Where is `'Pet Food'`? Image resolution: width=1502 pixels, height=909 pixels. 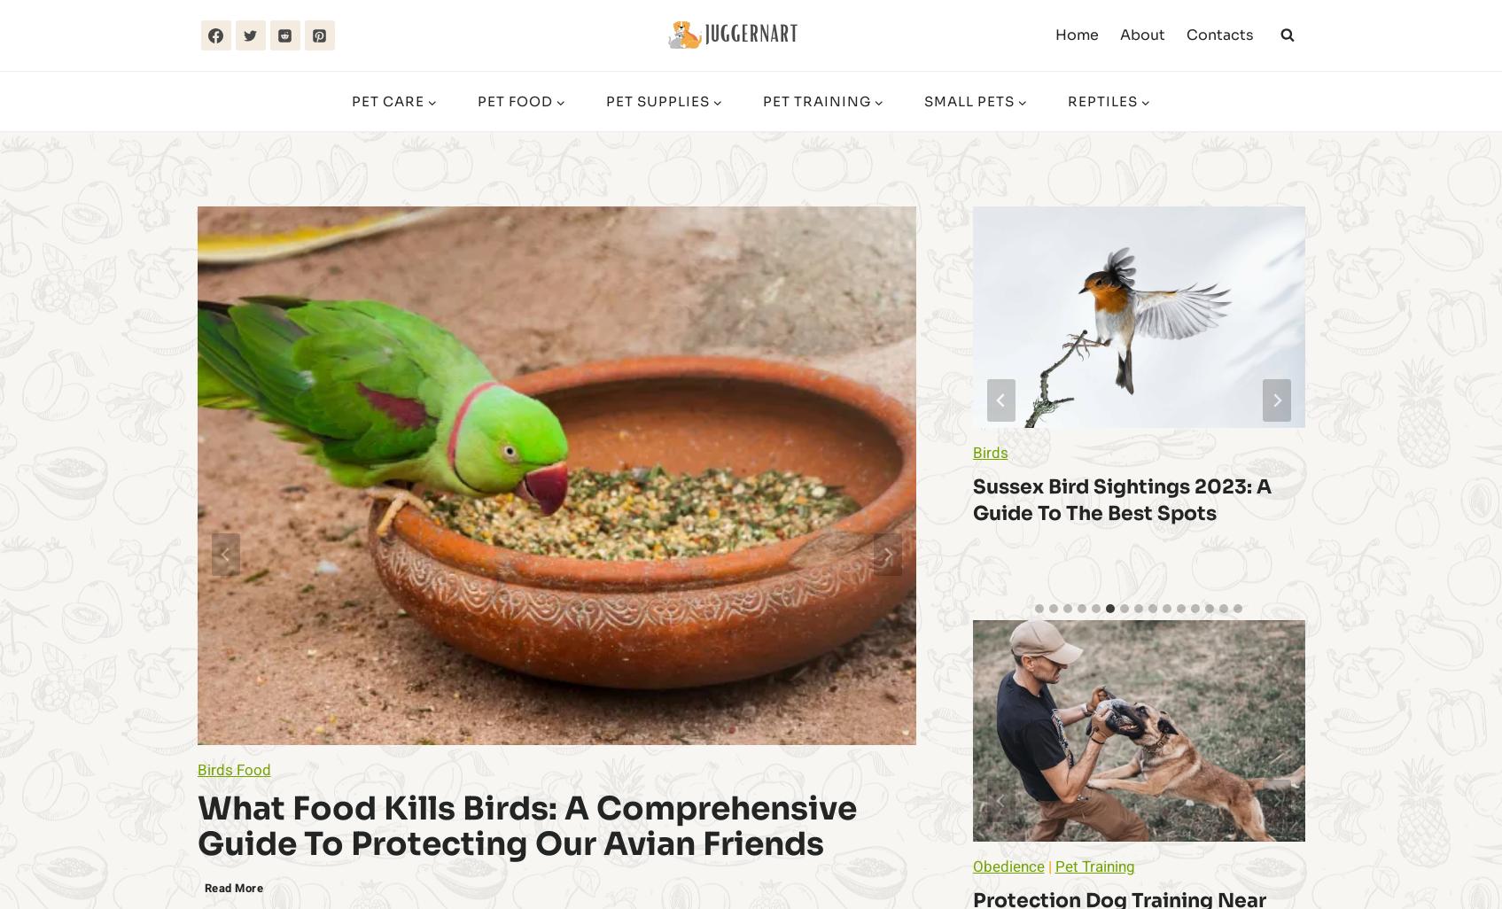 'Pet Food' is located at coordinates (514, 100).